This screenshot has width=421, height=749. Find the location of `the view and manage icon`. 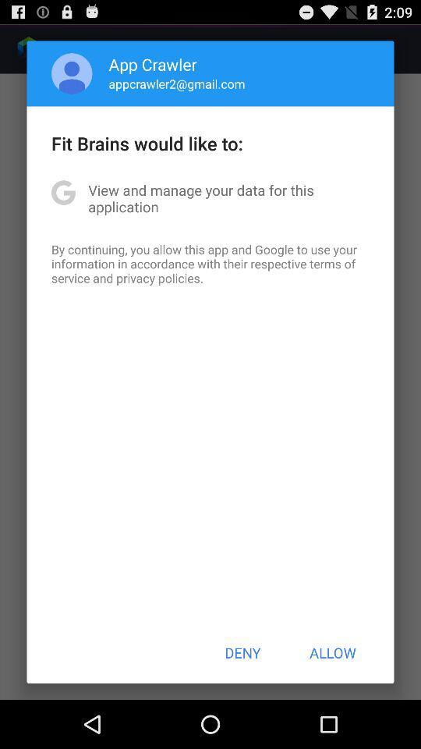

the view and manage icon is located at coordinates (210, 197).